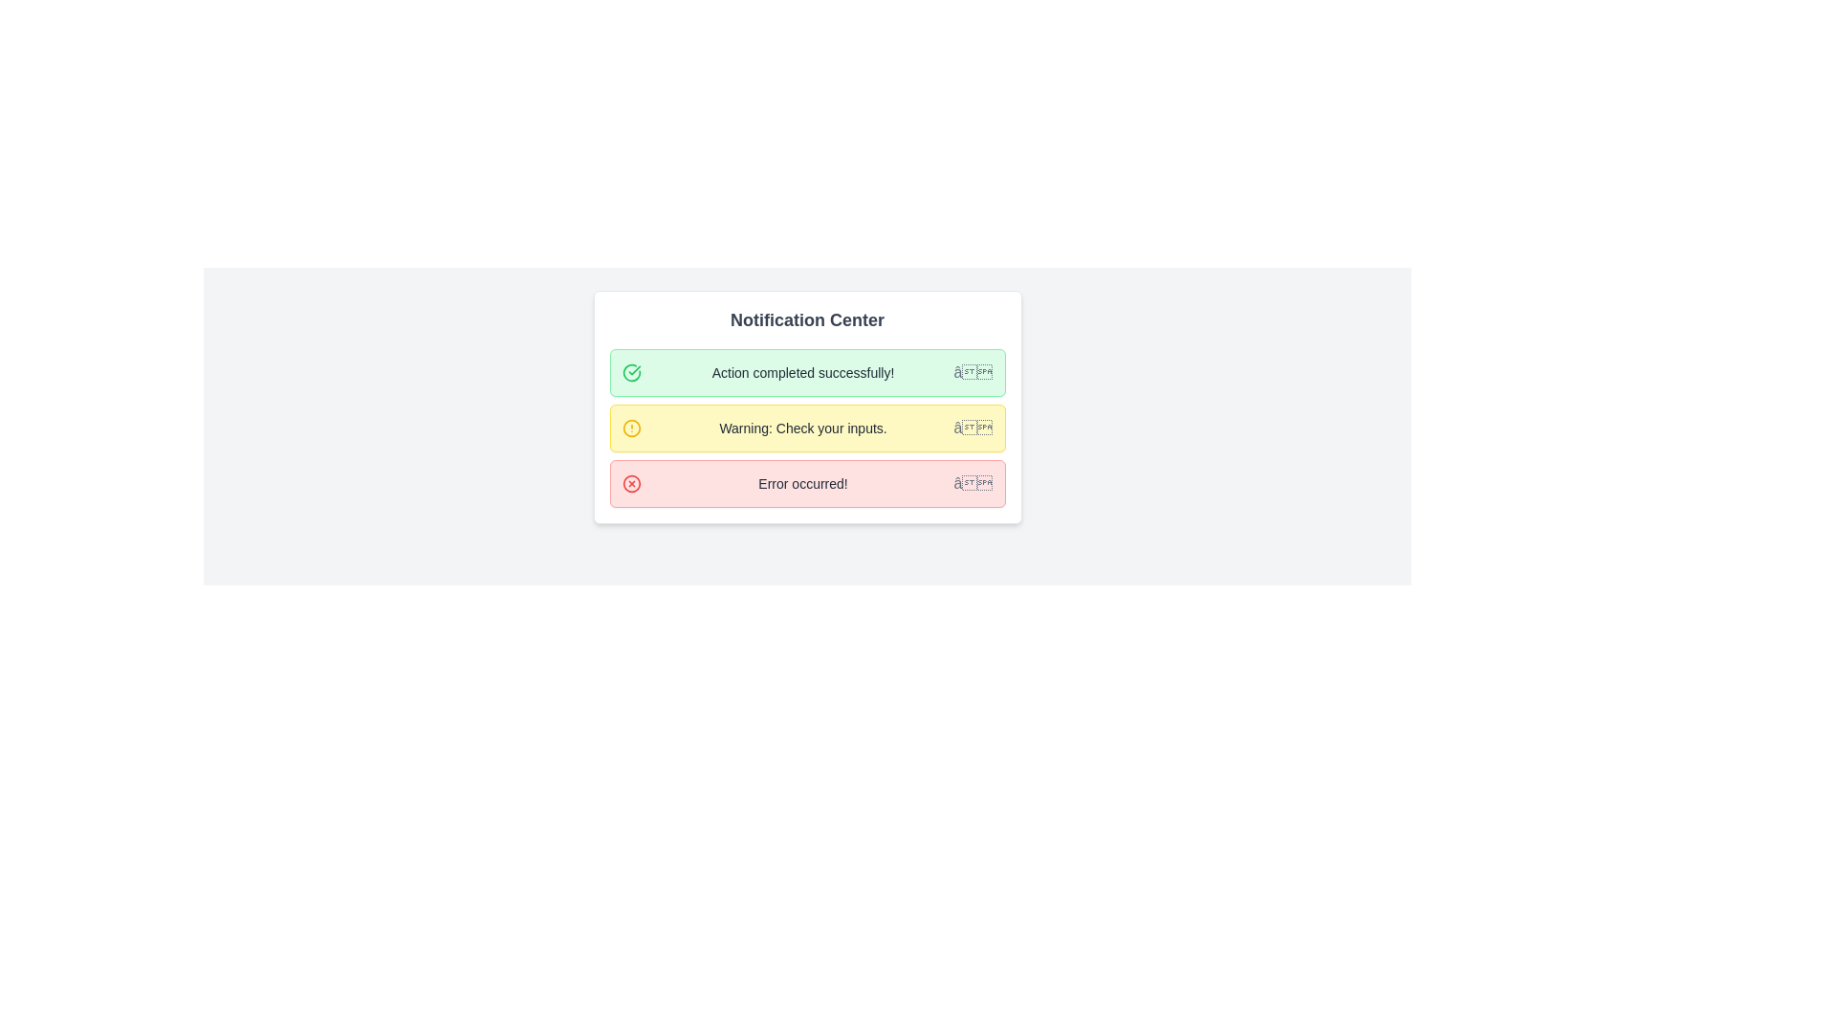 The image size is (1836, 1033). Describe the element at coordinates (803, 427) in the screenshot. I see `text displayed in the text label that says 'Warning: Check your inputs.' which is styled in a small, gray font against a yellowish background` at that location.